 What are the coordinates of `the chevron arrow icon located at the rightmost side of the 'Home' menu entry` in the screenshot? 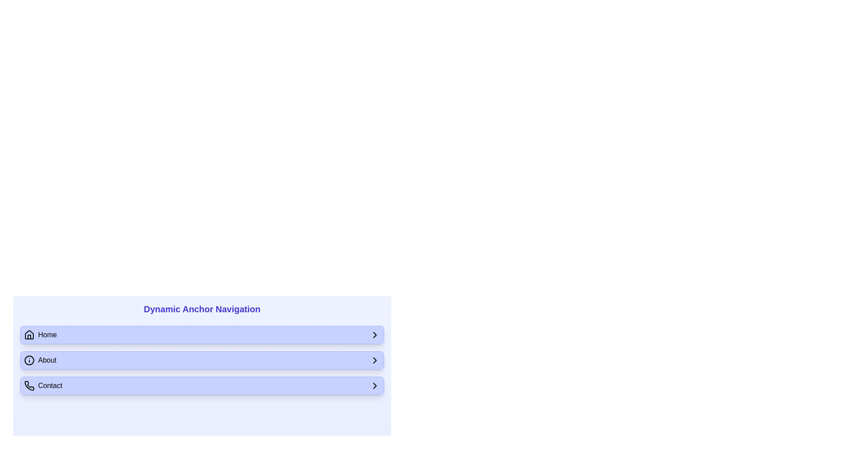 It's located at (375, 335).